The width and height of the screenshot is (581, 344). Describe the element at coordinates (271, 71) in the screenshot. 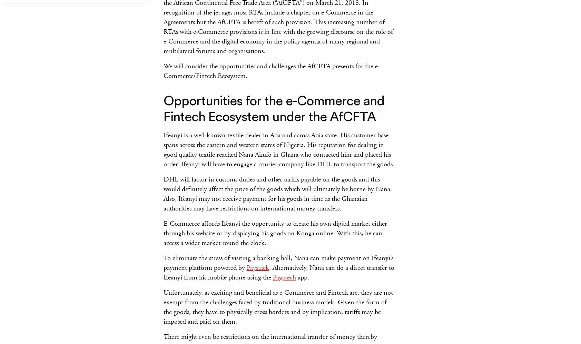

I see `'We will consider the opportunities and challenges the AfCFTA presents for the e-Commerce/Fintech Ecosystem.'` at that location.